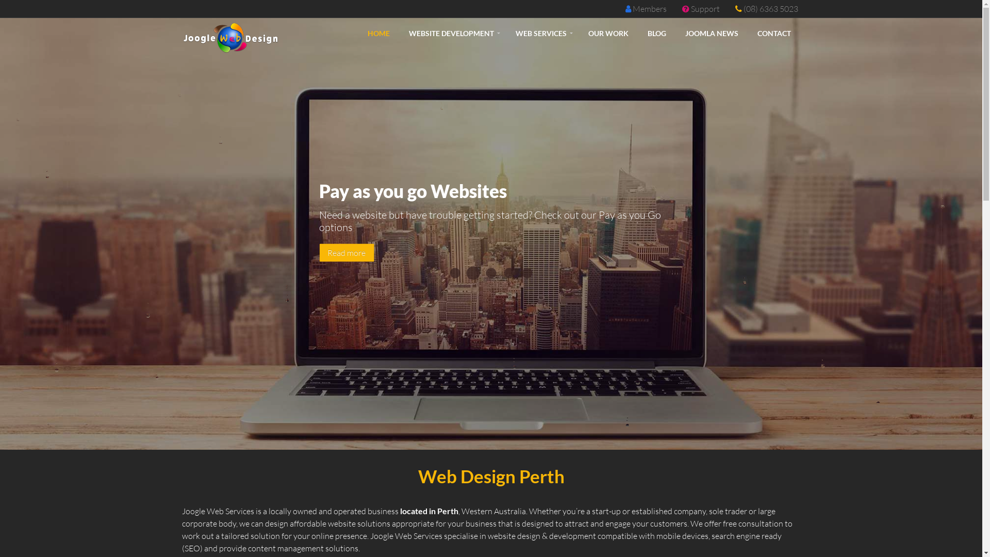 Image resolution: width=990 pixels, height=557 pixels. Describe the element at coordinates (711, 33) in the screenshot. I see `'JOOMLA NEWS'` at that location.